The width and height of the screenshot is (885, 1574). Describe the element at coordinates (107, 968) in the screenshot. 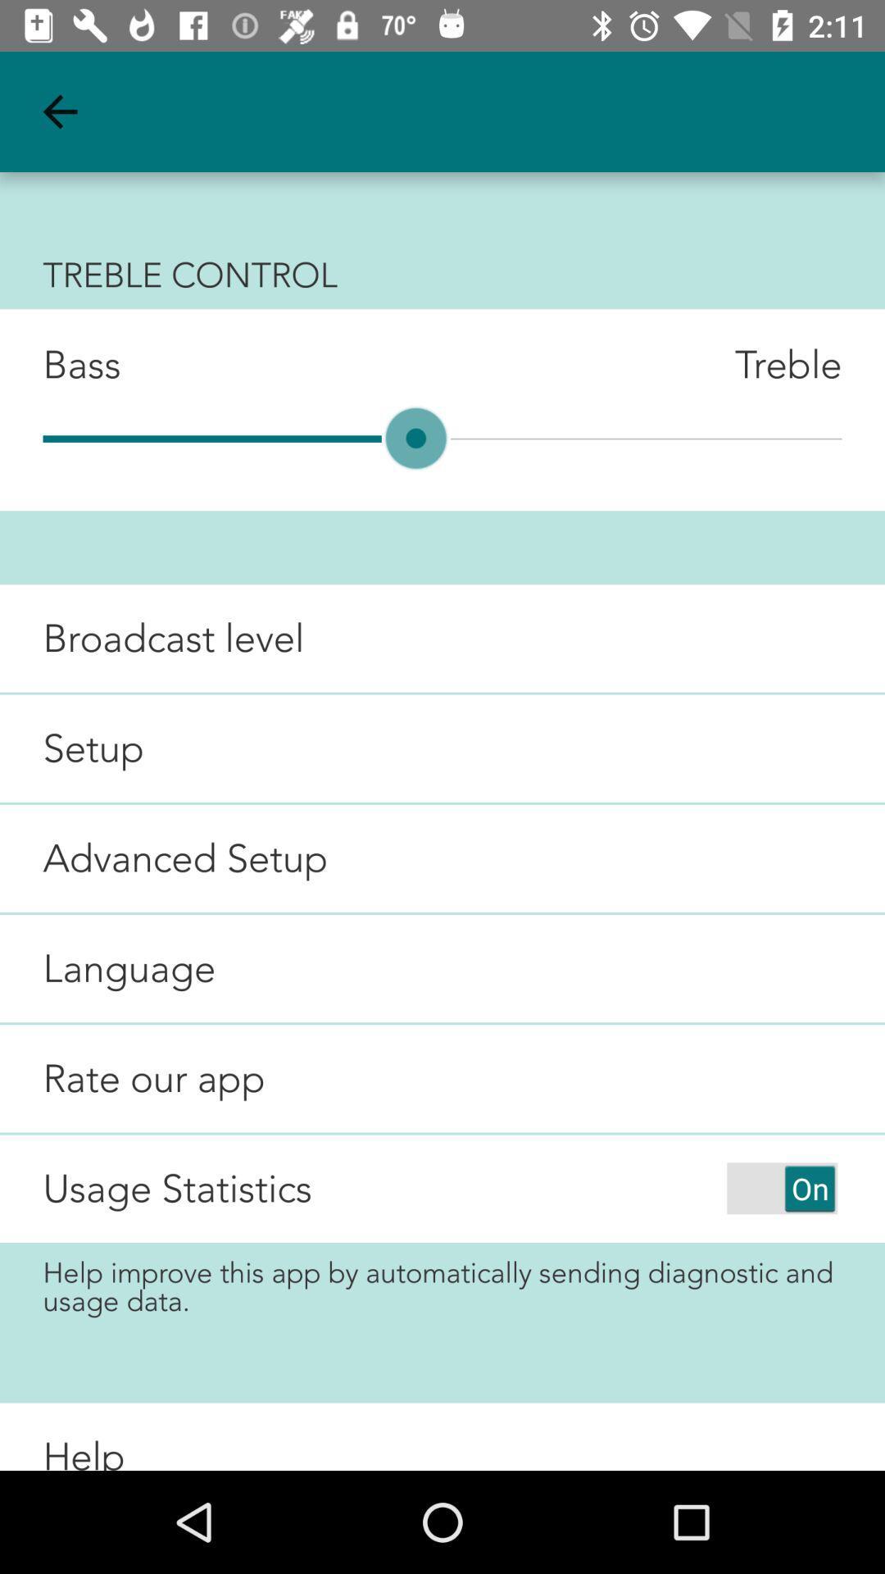

I see `item below advanced setup icon` at that location.